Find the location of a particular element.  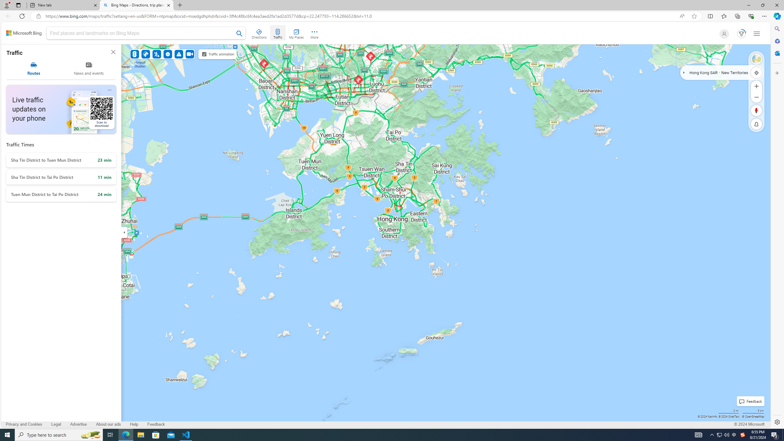

'About our ads' is located at coordinates (108, 424).